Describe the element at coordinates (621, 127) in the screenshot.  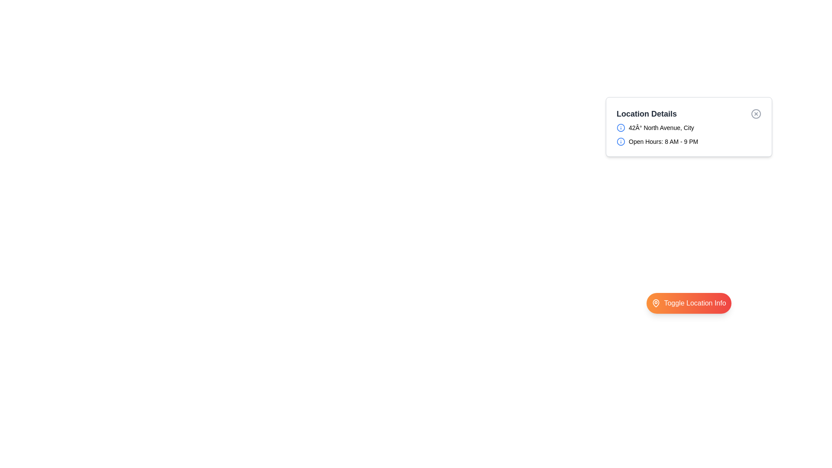
I see `the information icon located to the left of the descriptive text for the address '42° North Avenue, City' within the card-style panel labeled 'Location Details' to retrieve information` at that location.